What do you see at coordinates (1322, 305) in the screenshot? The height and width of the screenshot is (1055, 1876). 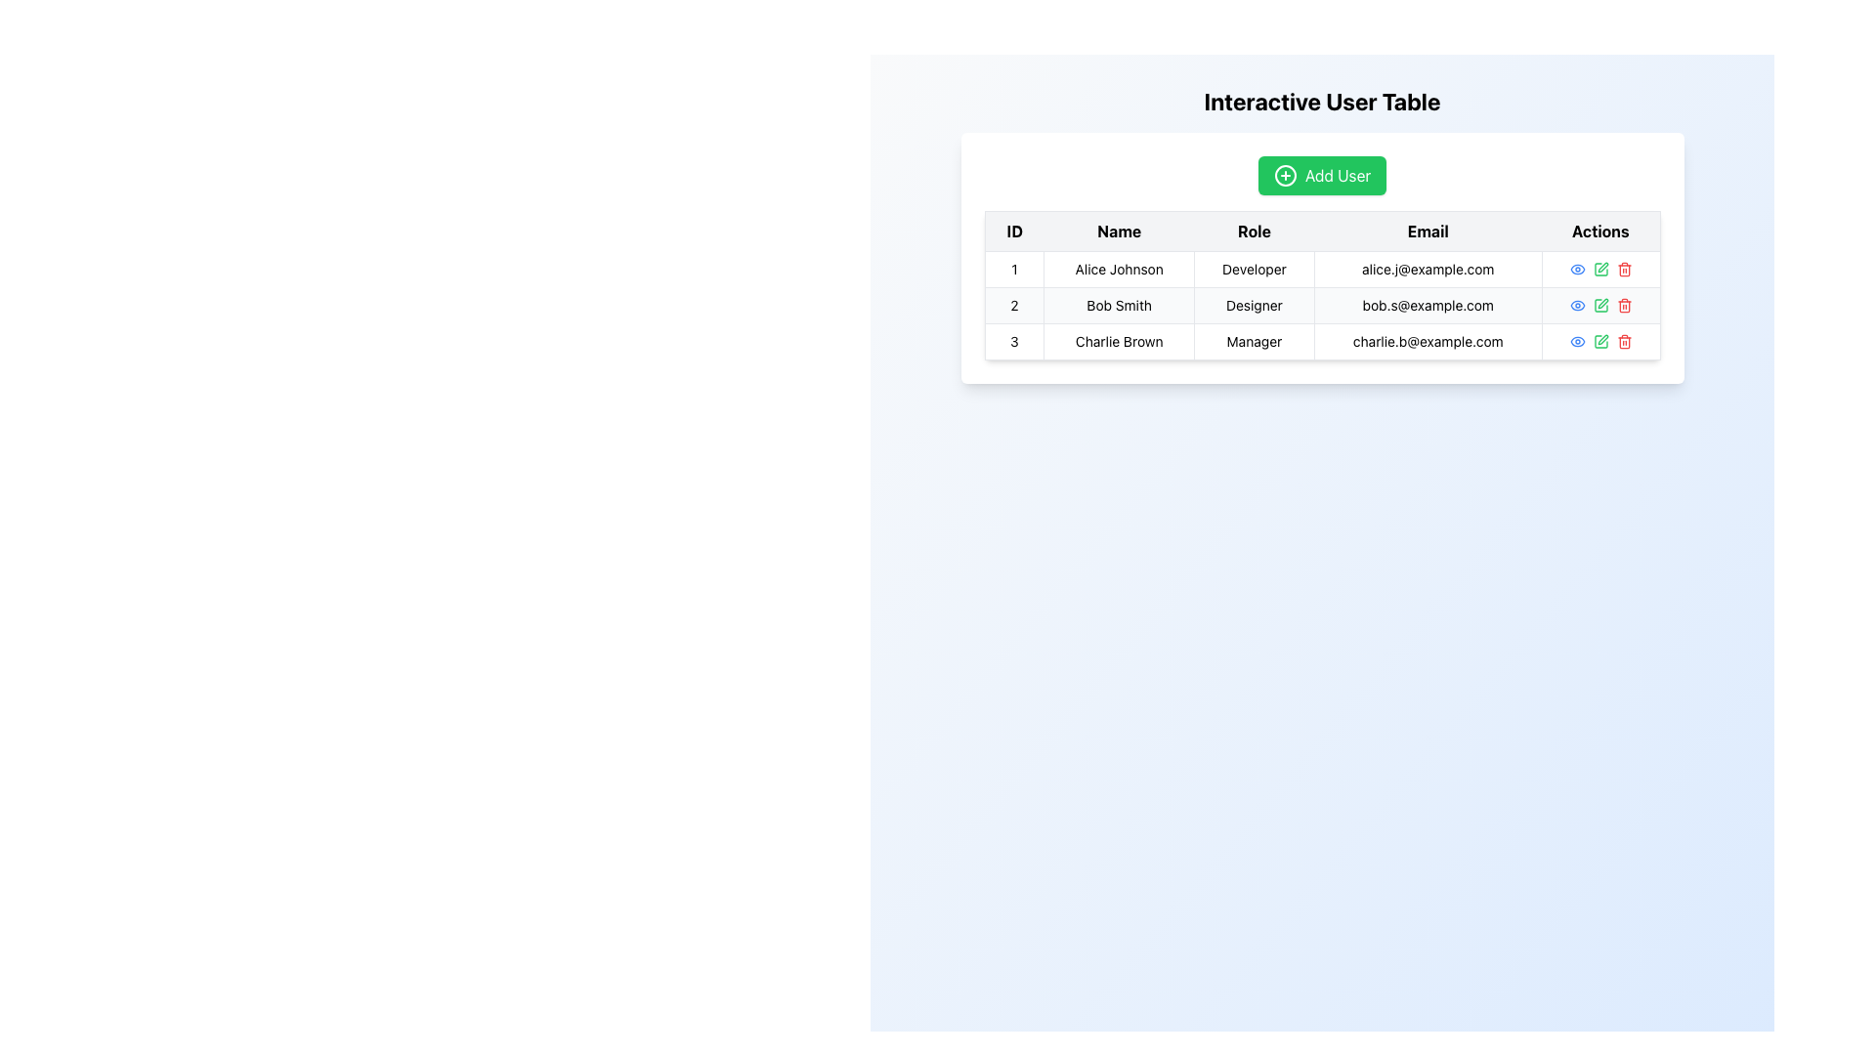 I see `the second row of the table displaying user information, which includes 'Bob Smith'` at bounding box center [1322, 305].